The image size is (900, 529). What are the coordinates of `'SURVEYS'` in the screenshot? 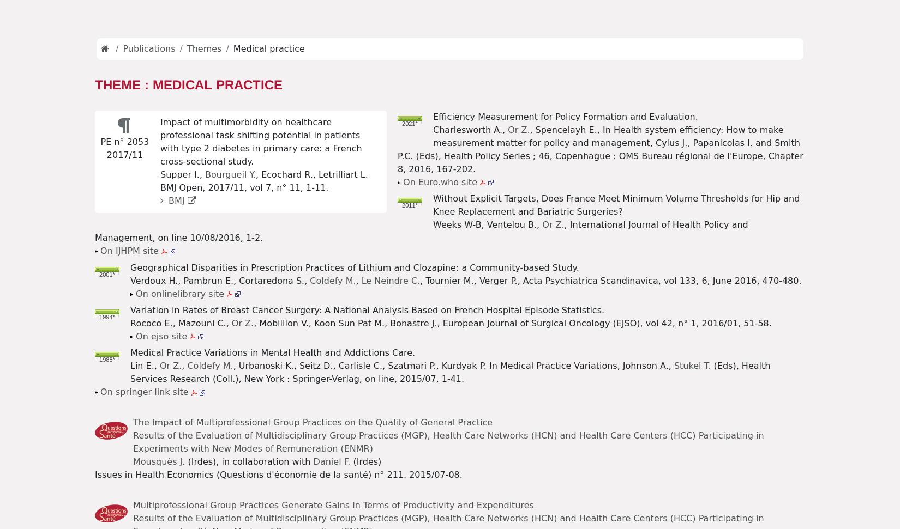 It's located at (380, 20).